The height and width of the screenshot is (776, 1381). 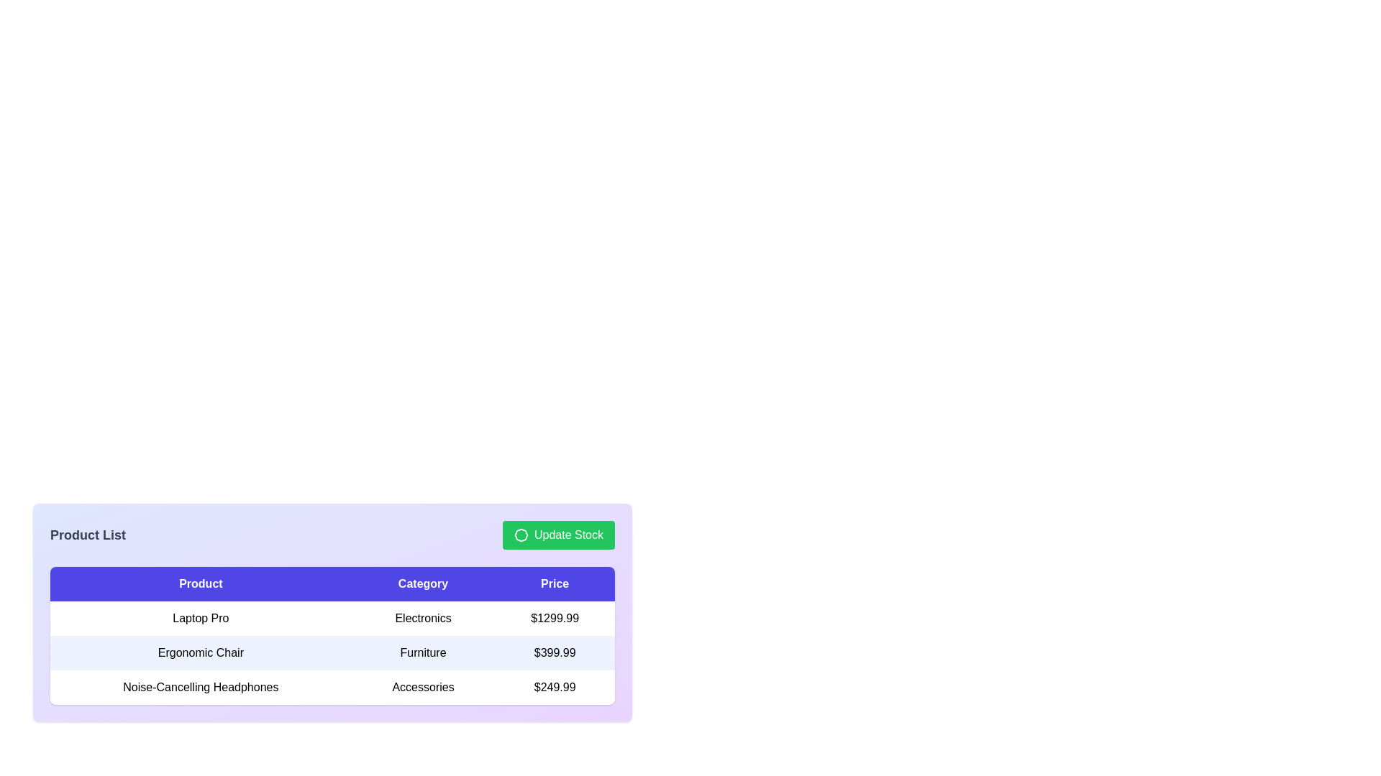 I want to click on the text label displaying 'Noise-Cancelling Headphones' in the first cell of the last row of the product table, so click(x=200, y=686).